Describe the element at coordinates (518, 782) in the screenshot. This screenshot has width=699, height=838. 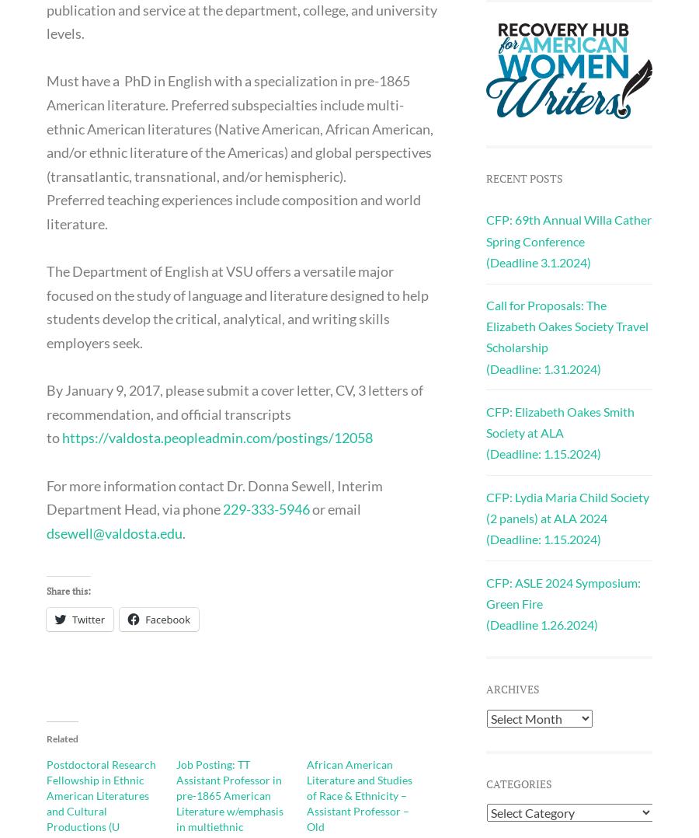
I see `'Categories'` at that location.